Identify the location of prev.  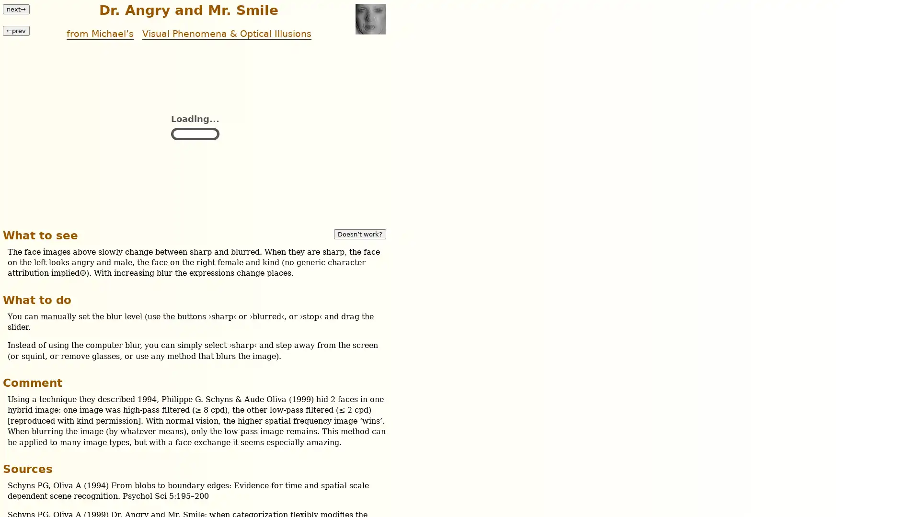
(16, 30).